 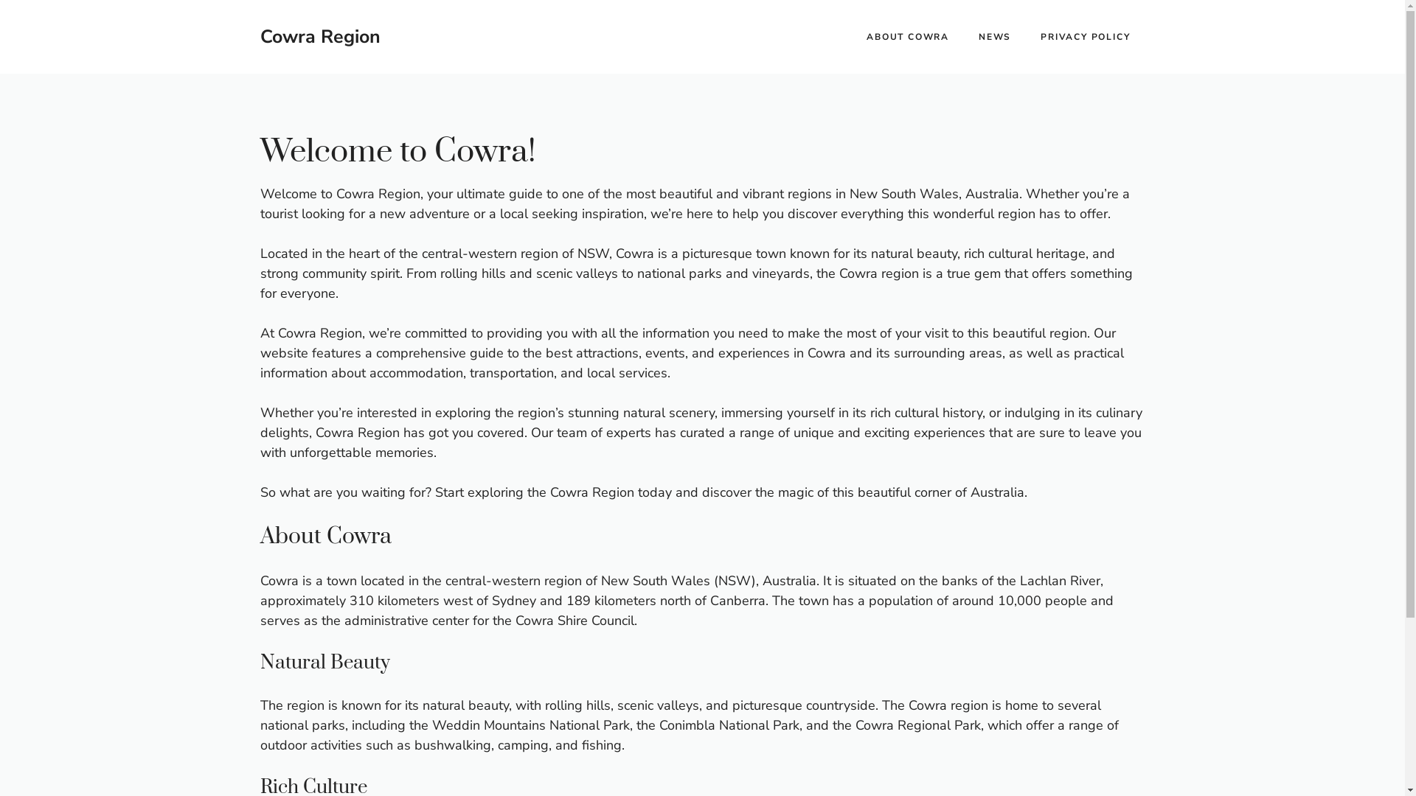 I want to click on 'Cowra Region', so click(x=259, y=36).